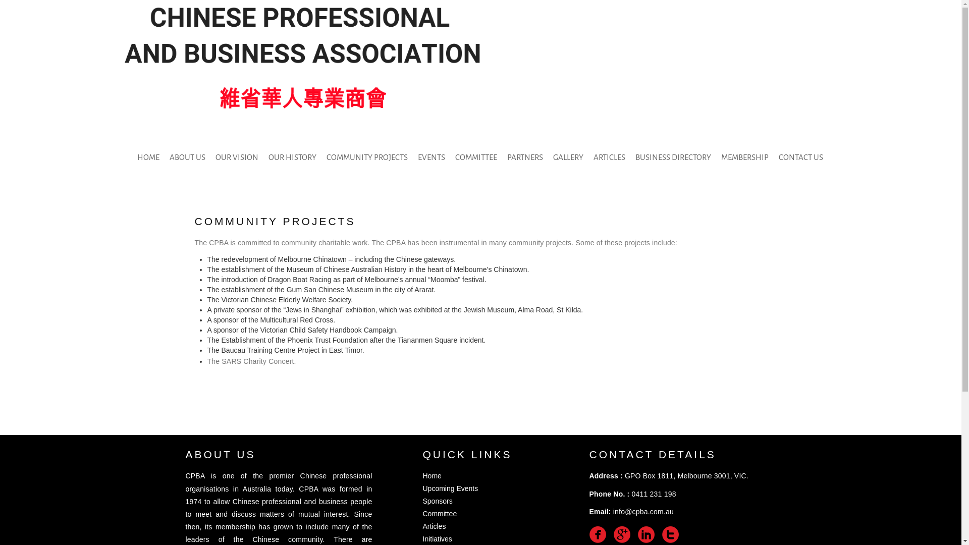 This screenshot has height=545, width=969. What do you see at coordinates (431, 157) in the screenshot?
I see `'EVENTS'` at bounding box center [431, 157].